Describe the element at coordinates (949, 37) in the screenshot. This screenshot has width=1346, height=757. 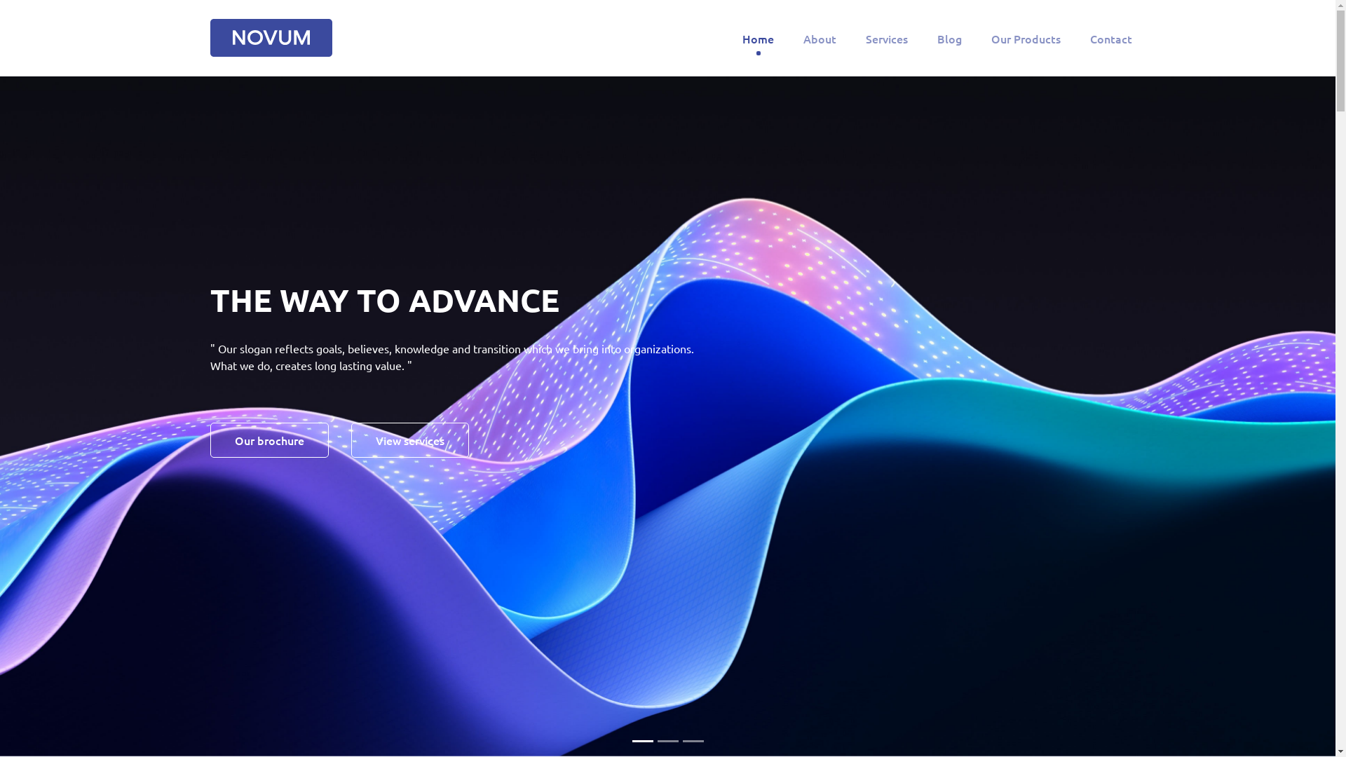
I see `'Blog'` at that location.